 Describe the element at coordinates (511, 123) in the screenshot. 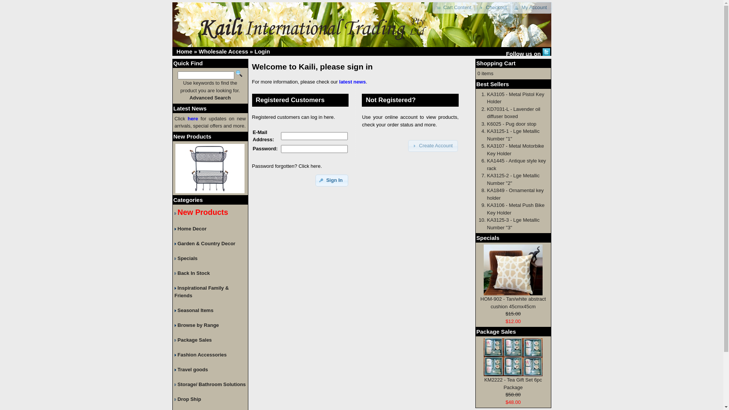

I see `'K6025 - Pug door stop'` at that location.